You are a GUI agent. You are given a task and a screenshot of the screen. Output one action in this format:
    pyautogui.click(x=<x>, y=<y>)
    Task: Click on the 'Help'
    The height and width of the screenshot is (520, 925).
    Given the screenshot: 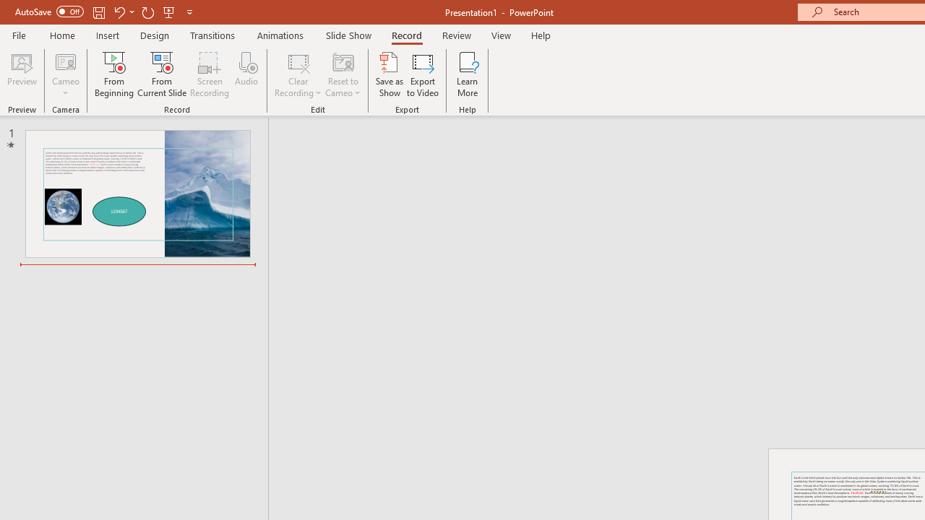 What is the action you would take?
    pyautogui.click(x=540, y=35)
    